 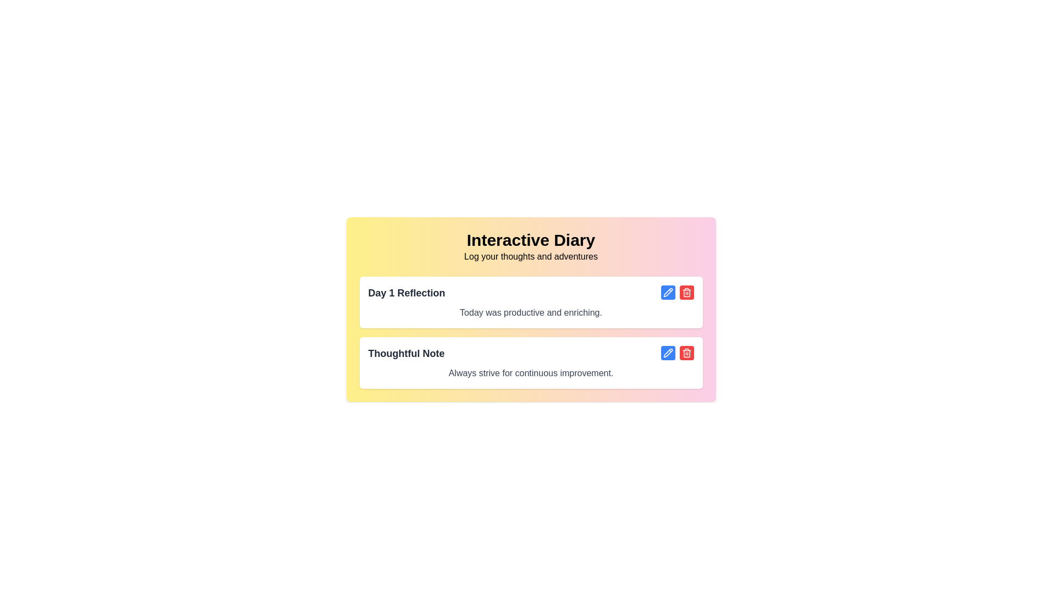 What do you see at coordinates (686, 353) in the screenshot?
I see `the trash bin icon inside the red button` at bounding box center [686, 353].